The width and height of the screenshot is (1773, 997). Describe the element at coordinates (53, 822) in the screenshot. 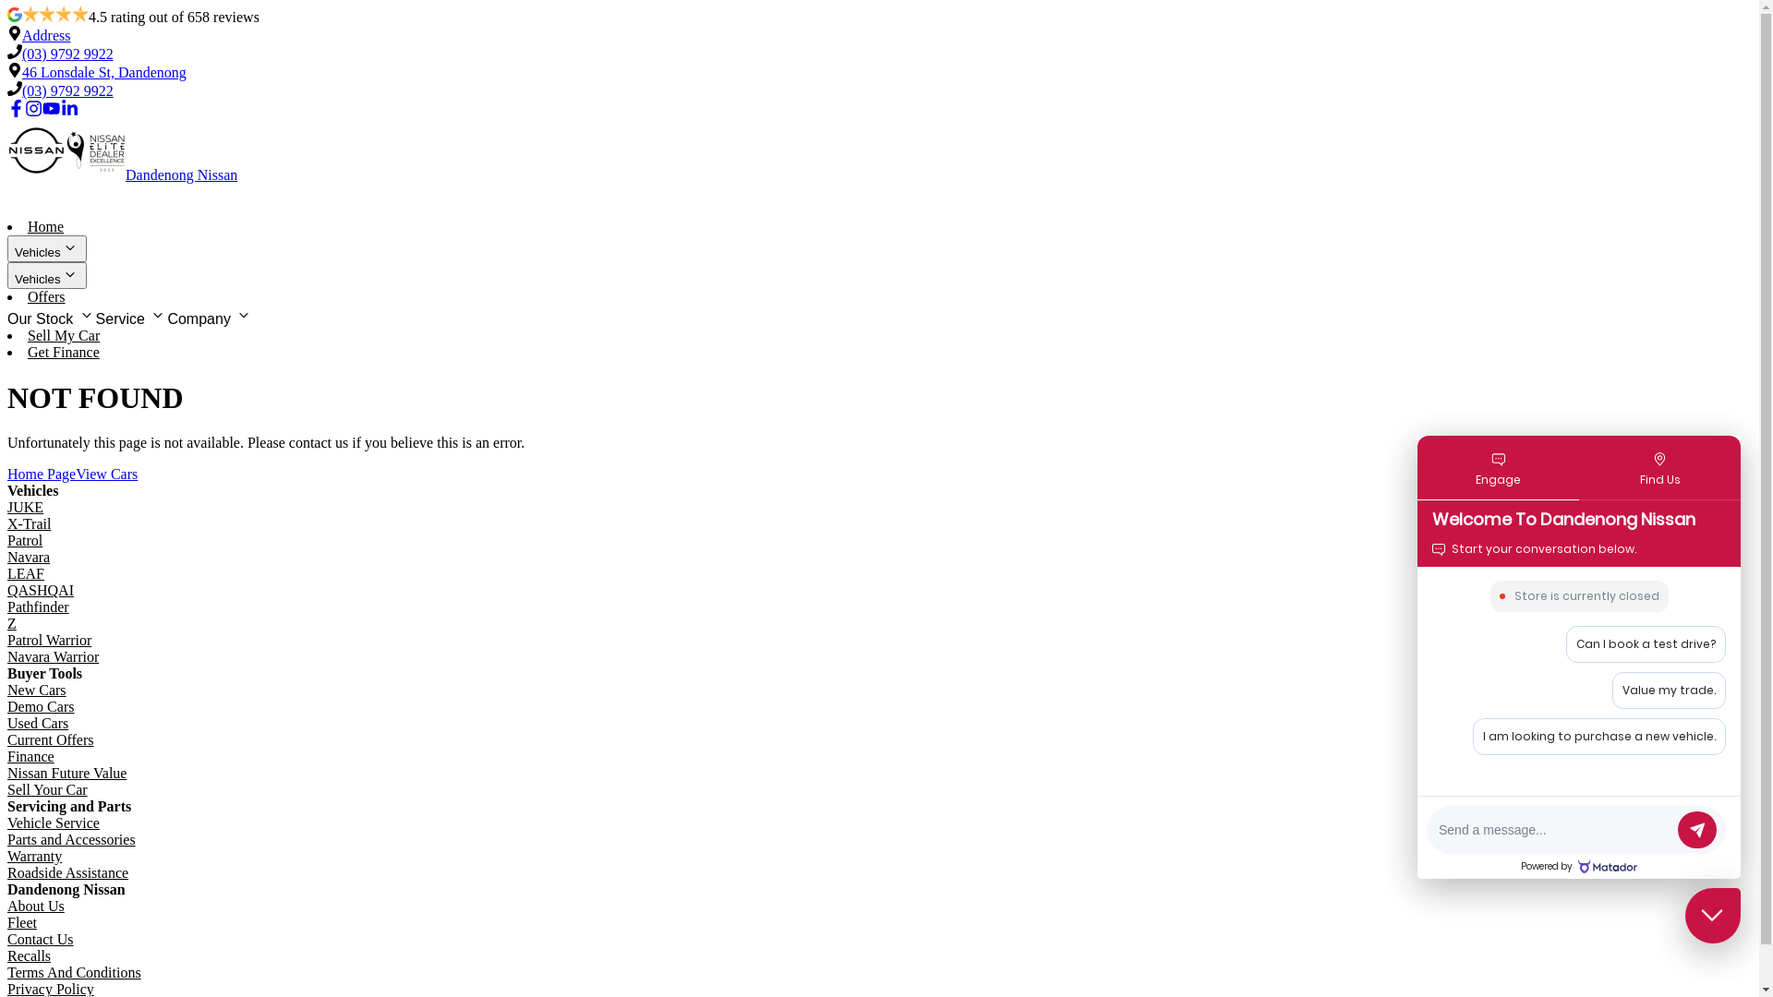

I see `'Vehicle Service'` at that location.